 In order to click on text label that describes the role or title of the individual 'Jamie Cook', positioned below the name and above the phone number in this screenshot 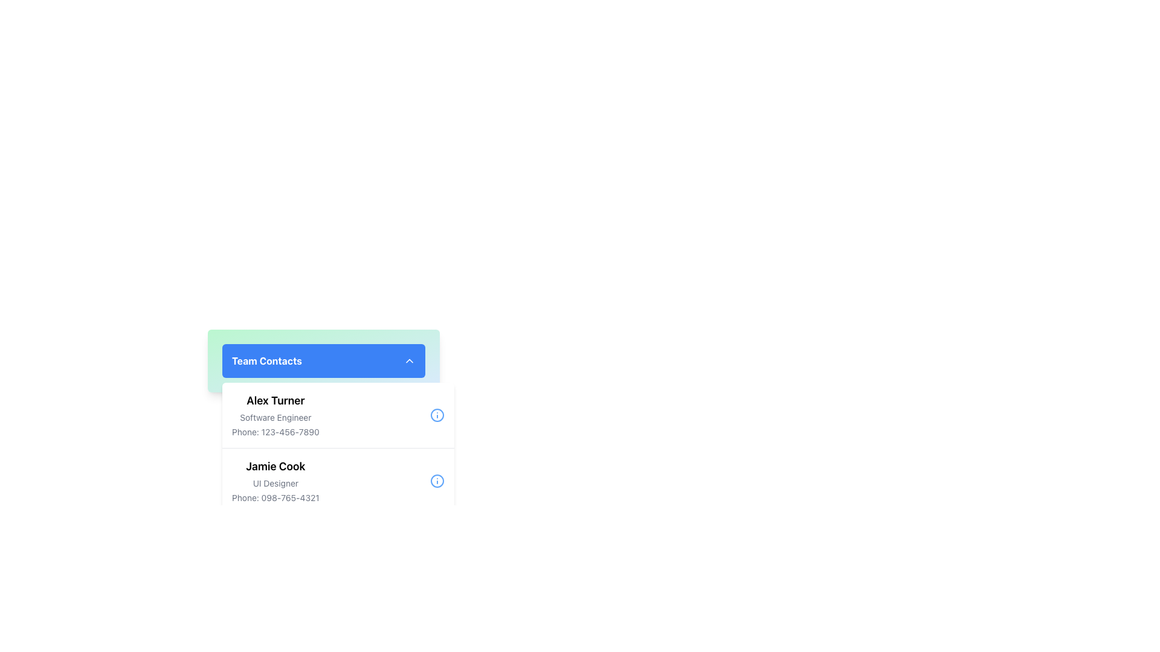, I will do `click(275, 483)`.